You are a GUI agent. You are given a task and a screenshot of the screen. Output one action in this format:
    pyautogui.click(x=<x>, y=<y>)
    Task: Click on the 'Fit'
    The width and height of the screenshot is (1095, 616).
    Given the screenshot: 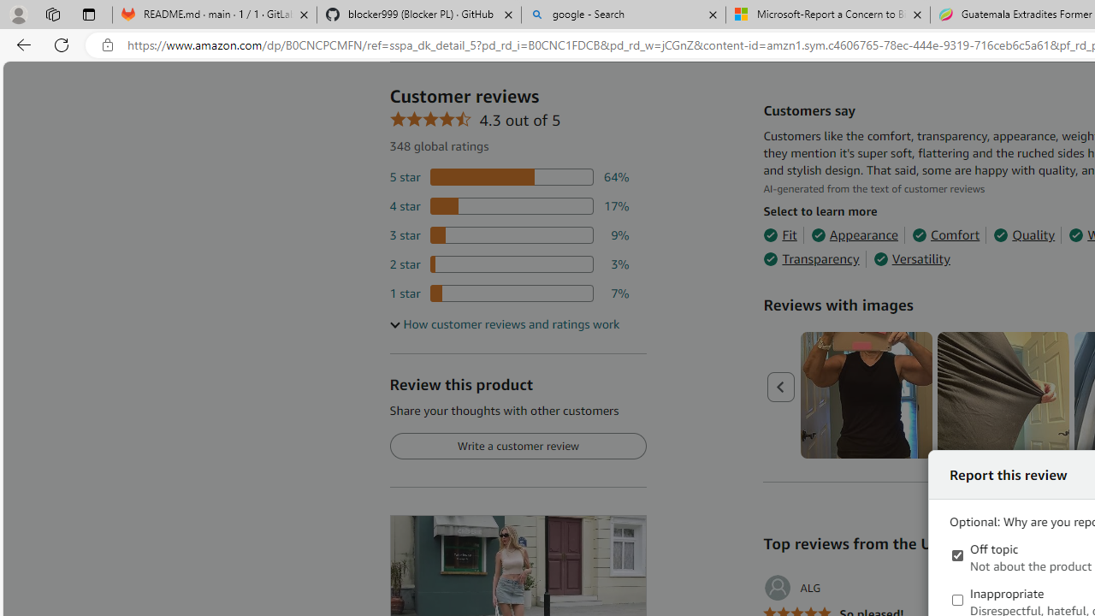 What is the action you would take?
    pyautogui.click(x=779, y=235)
    